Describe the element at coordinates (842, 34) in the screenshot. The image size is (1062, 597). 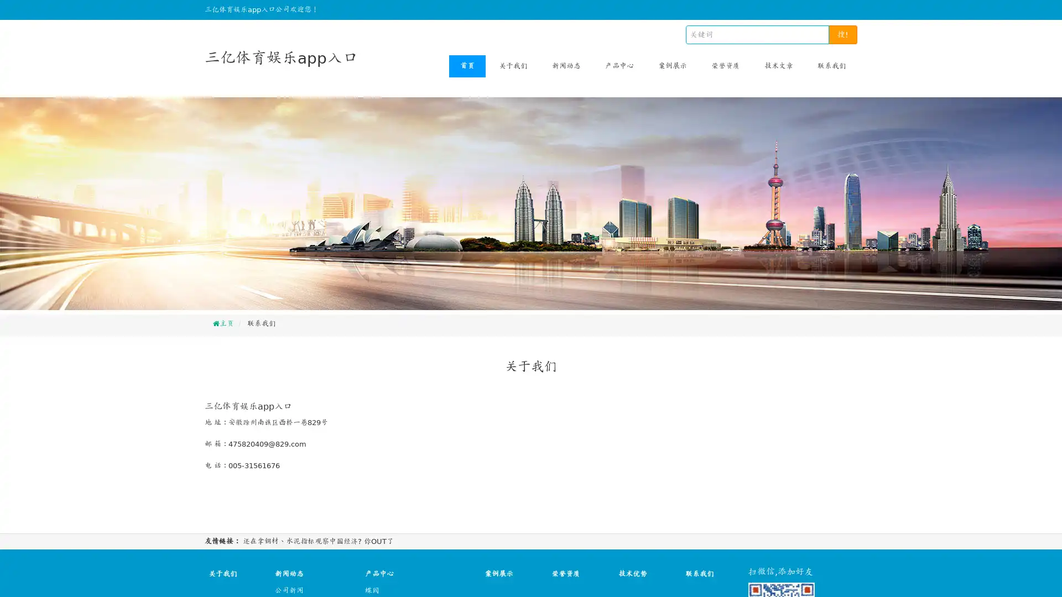
I see `!` at that location.